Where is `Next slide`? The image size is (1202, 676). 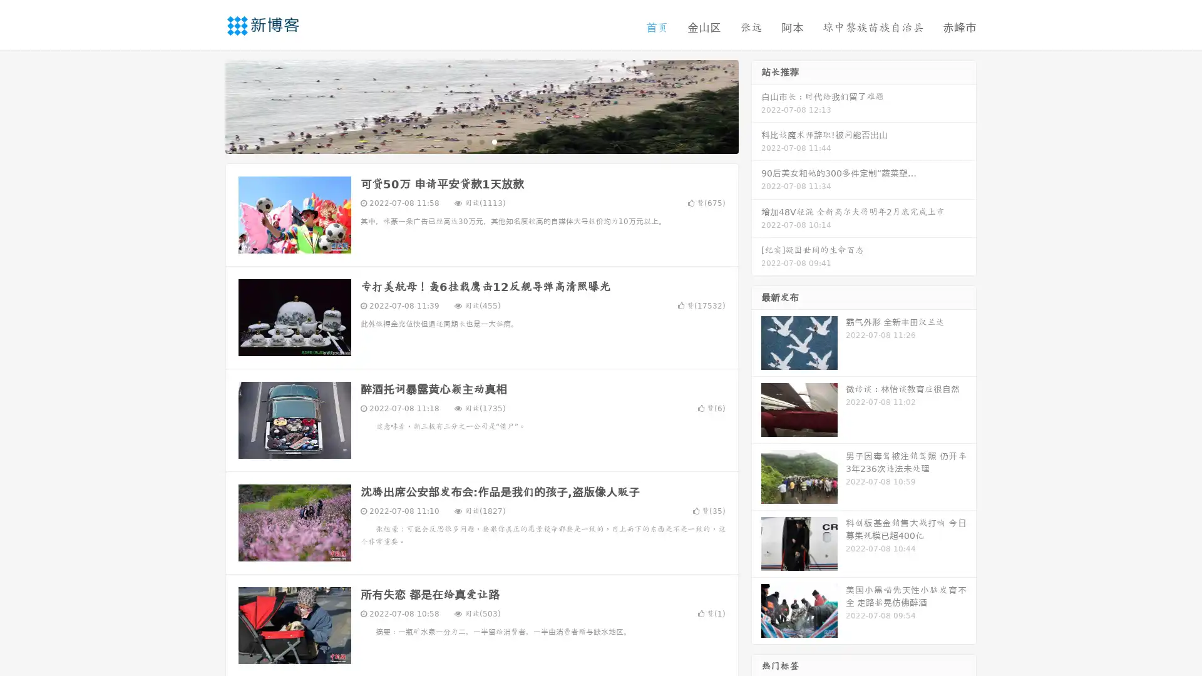
Next slide is located at coordinates (756, 105).